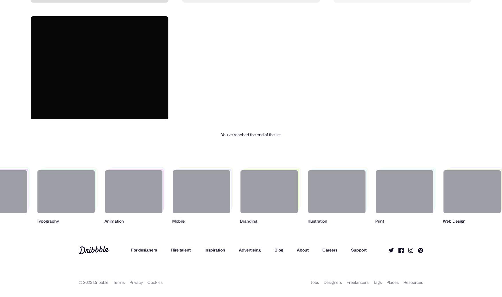 This screenshot has height=297, width=502. I want to click on 'Ui Clock/Countdown', so click(59, 107).